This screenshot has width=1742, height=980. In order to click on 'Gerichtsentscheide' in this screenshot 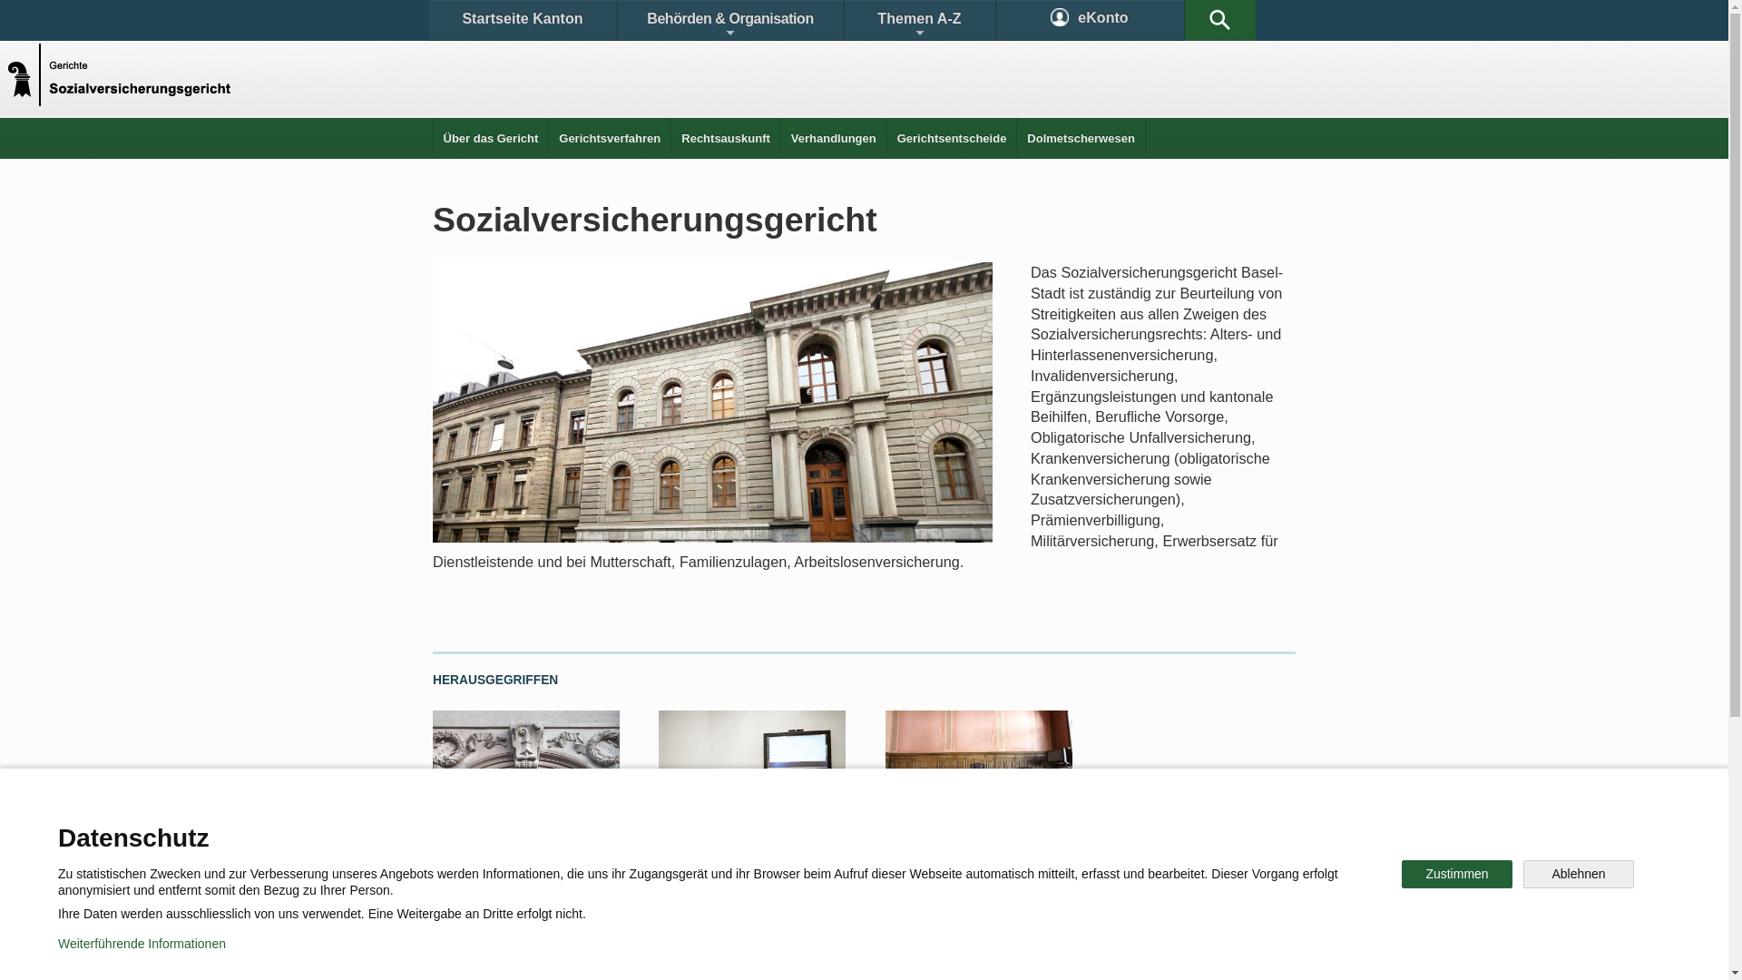, I will do `click(951, 137)`.